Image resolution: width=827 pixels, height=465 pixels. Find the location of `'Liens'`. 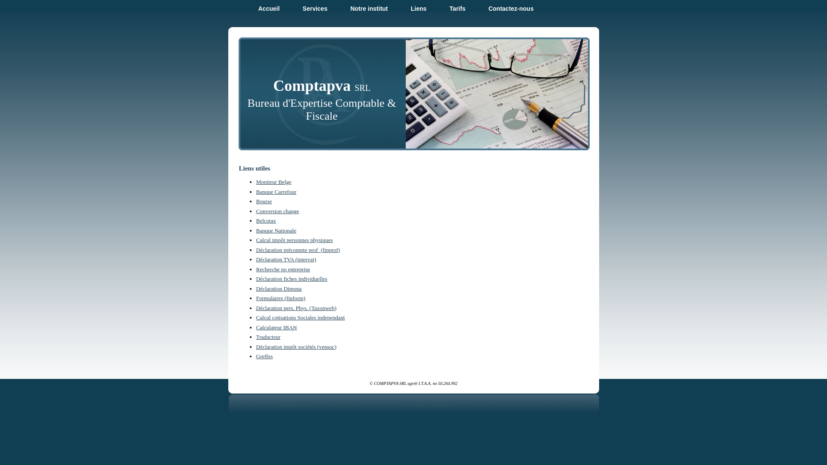

'Liens' is located at coordinates (419, 8).